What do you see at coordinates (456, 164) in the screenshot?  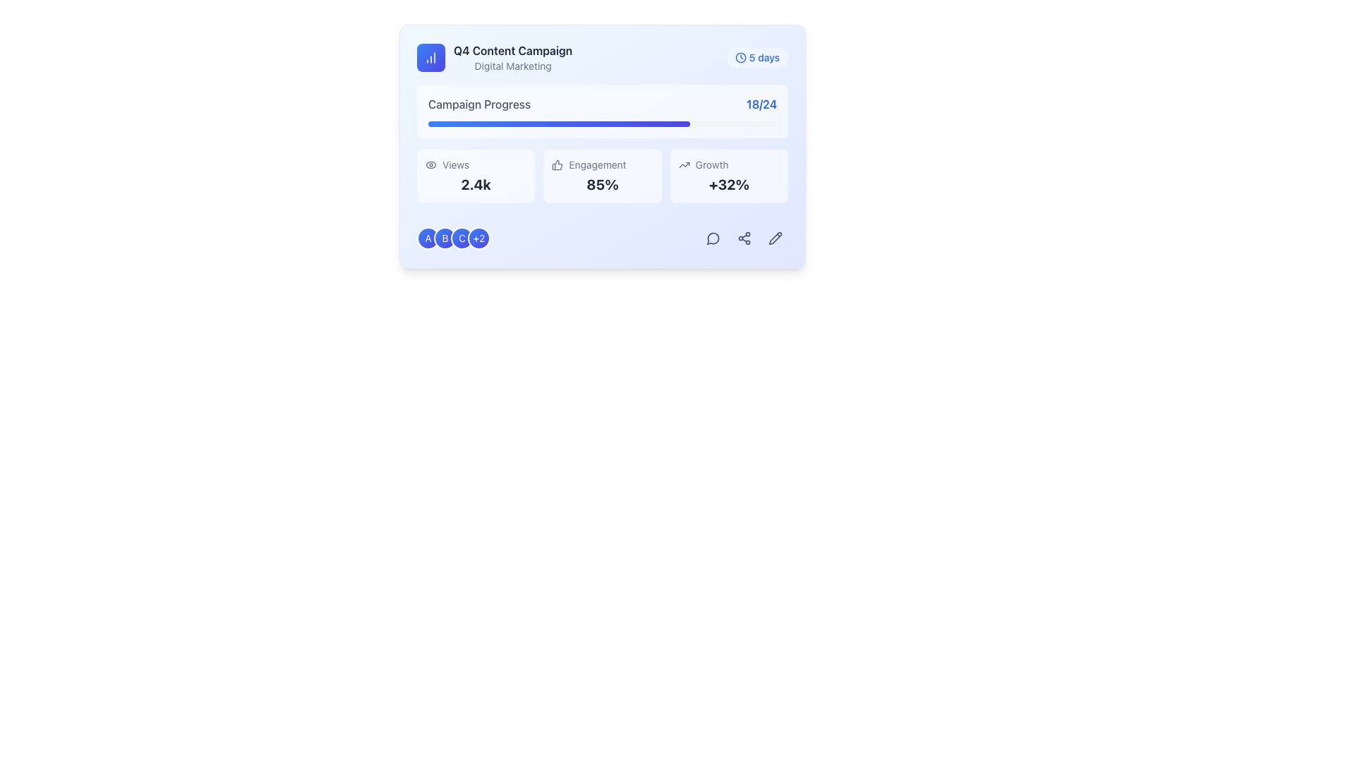 I see `the static label displaying the word 'Views' in a small gray font, positioned above a numerical value in a grid-like area` at bounding box center [456, 164].